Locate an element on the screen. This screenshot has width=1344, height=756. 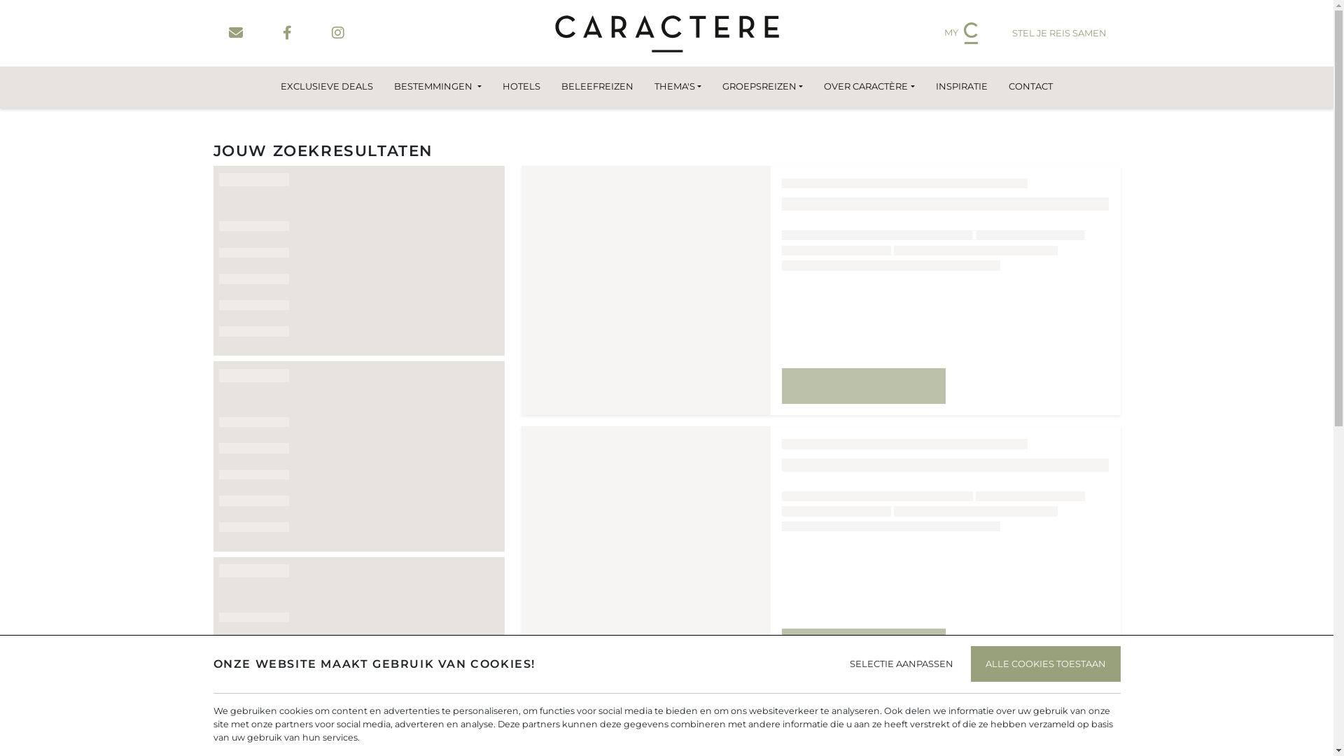
'MY' is located at coordinates (960, 32).